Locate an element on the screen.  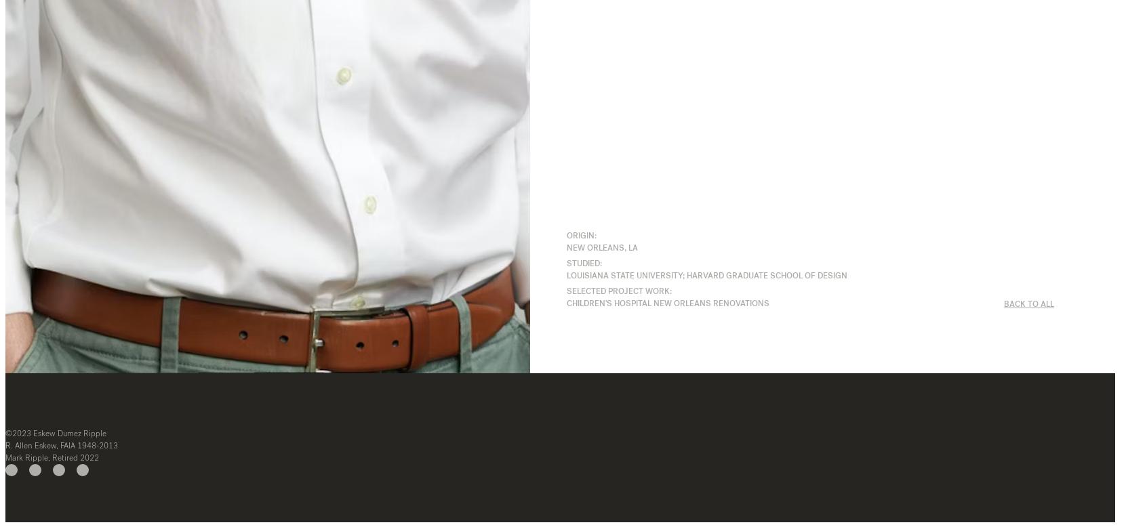
'SELECTED PROJECT WORK:' is located at coordinates (618, 290).